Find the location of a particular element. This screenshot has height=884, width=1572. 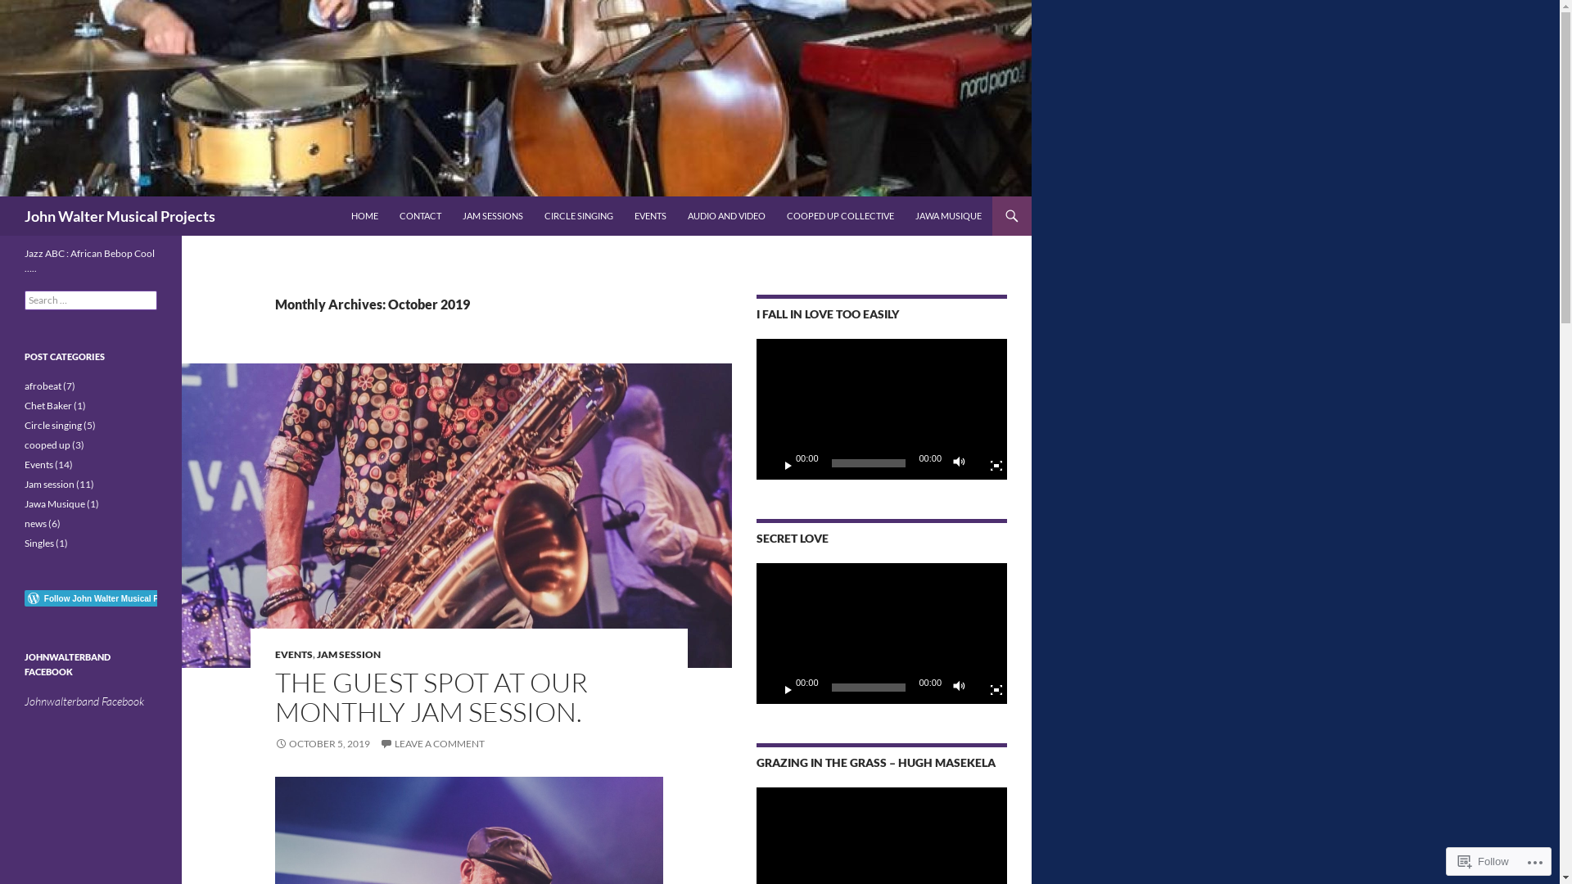

'Search' is located at coordinates (3, 195).